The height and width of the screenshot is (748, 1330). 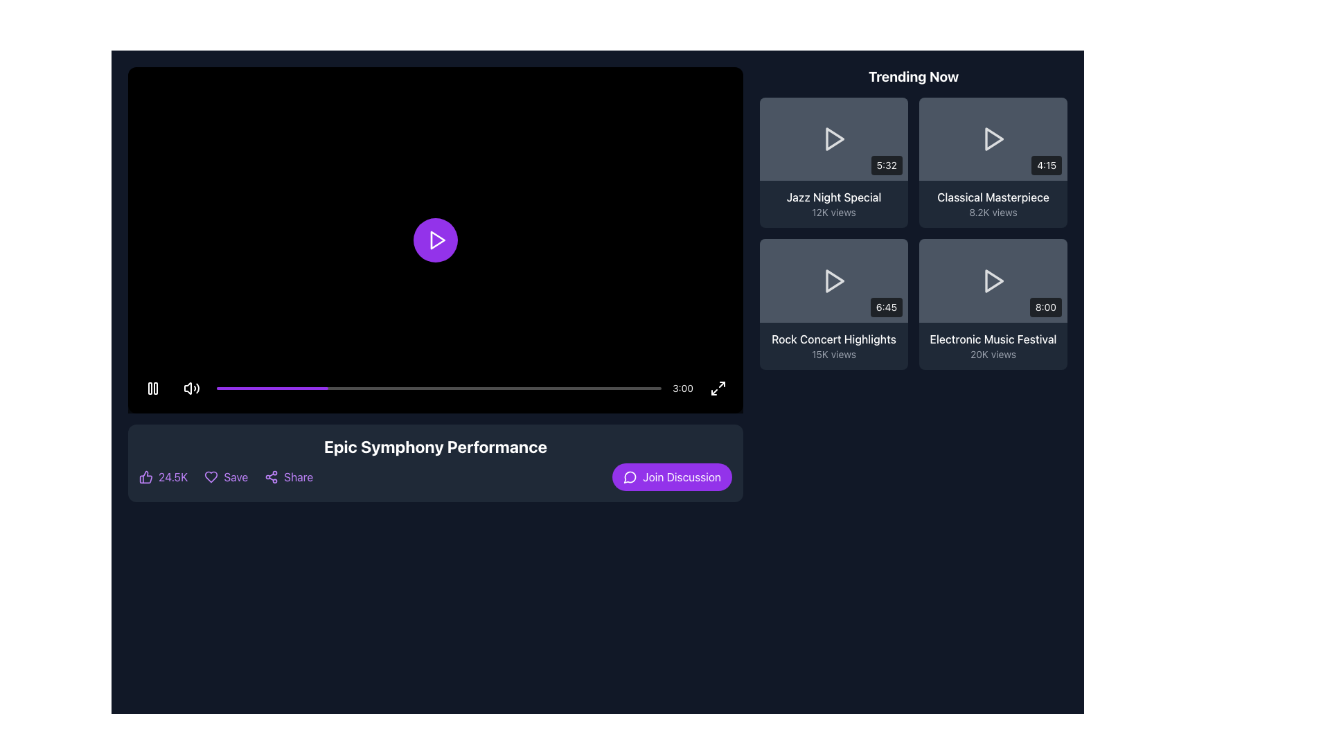 I want to click on the static text displaying '20K views' located beneath the 'Electronic Music Festival' heading in the bottom-right section of the interface, so click(x=993, y=353).